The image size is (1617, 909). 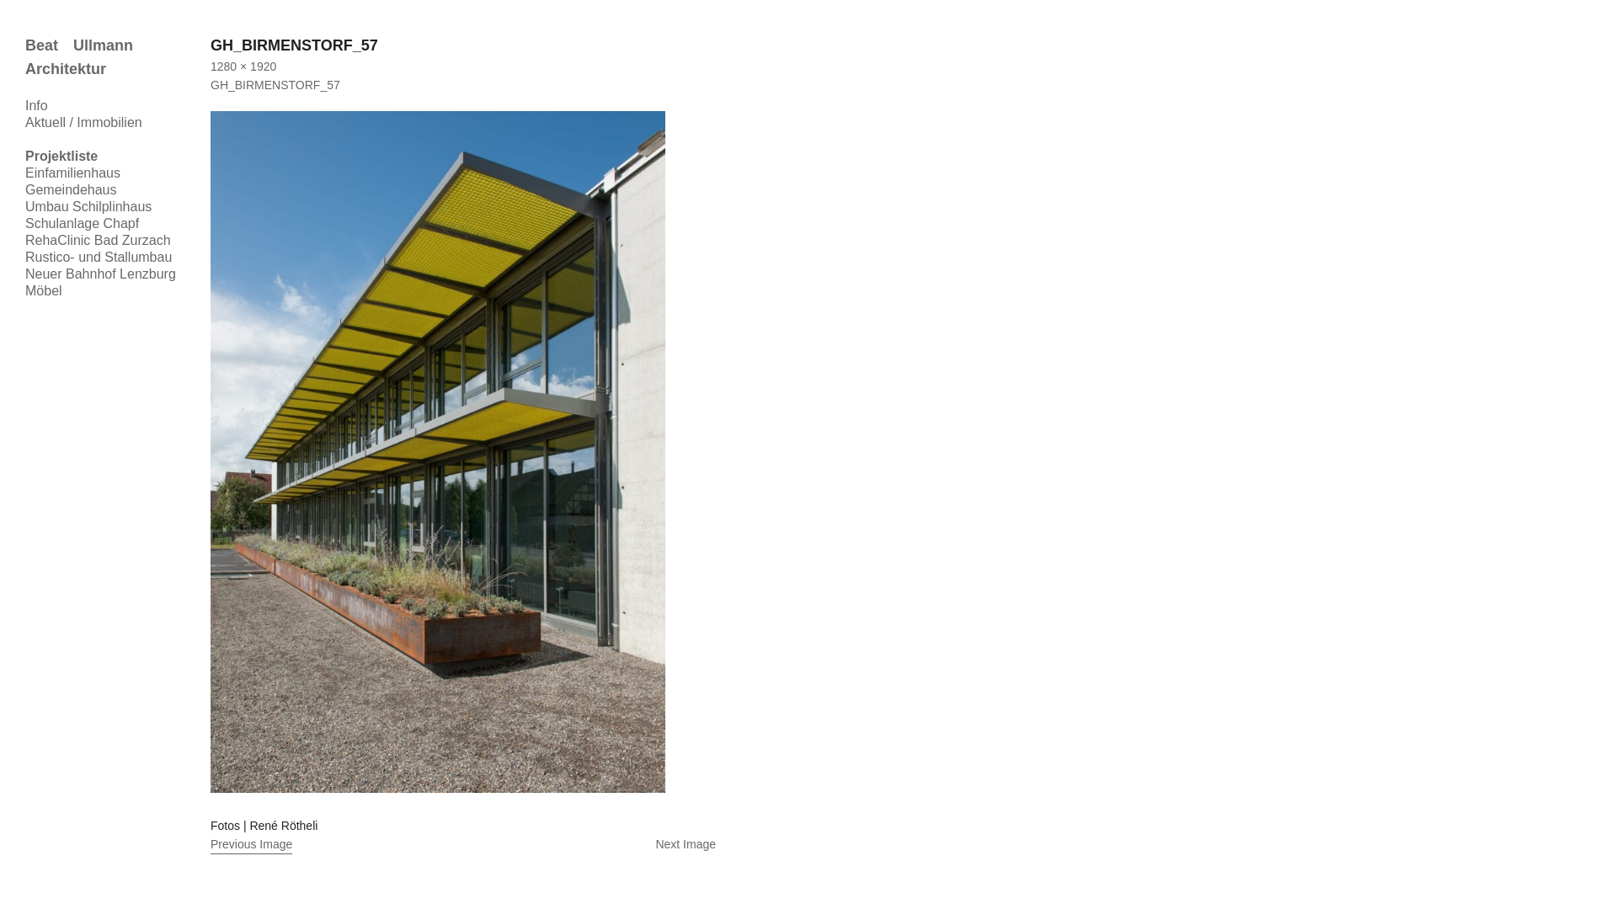 What do you see at coordinates (24, 107) in the screenshot?
I see `'Skip to content'` at bounding box center [24, 107].